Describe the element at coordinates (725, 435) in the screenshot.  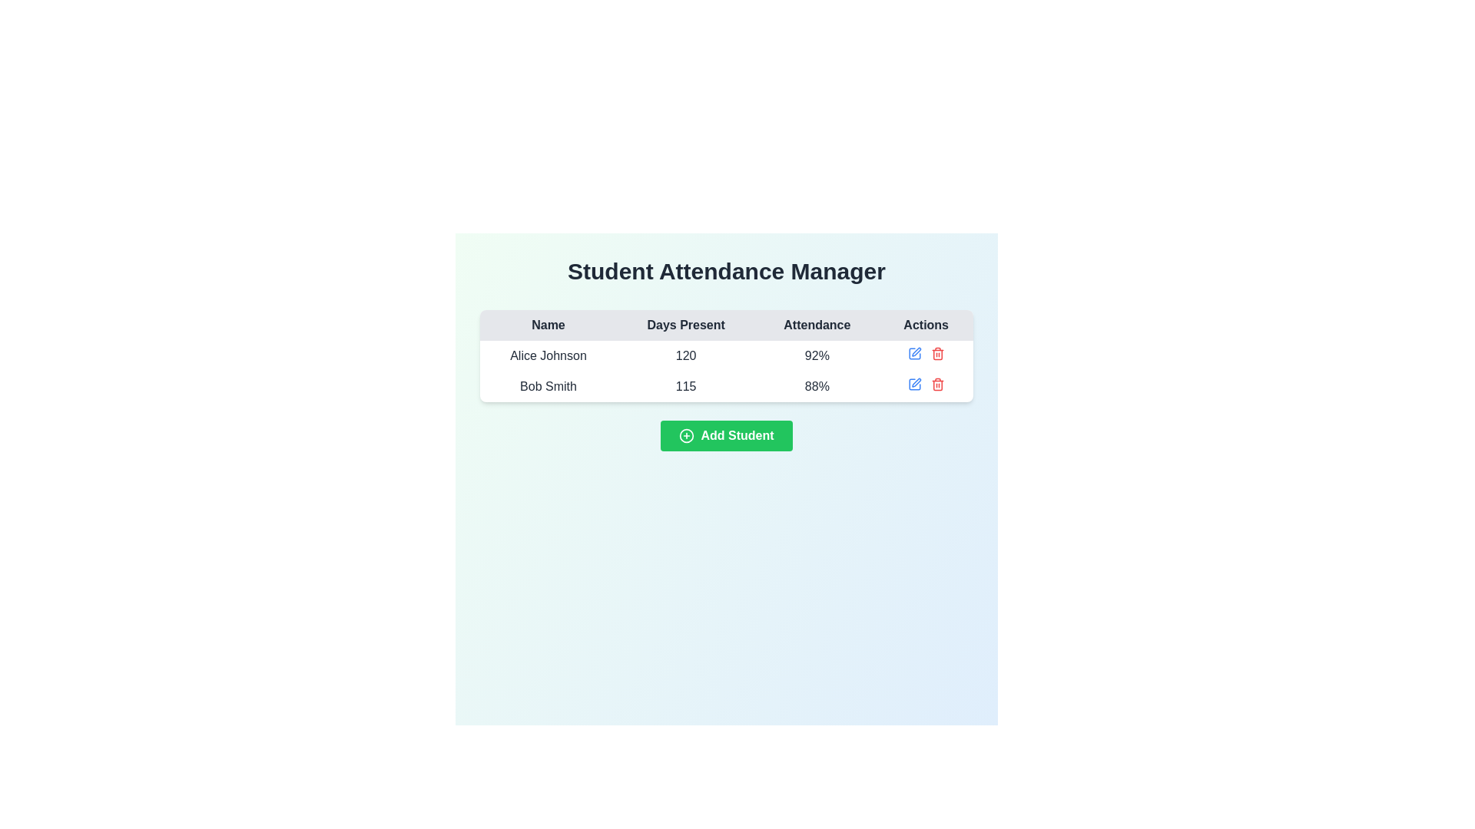
I see `the green 'Add Student' button with rounded edges, which has a white bold font and a plus icon` at that location.